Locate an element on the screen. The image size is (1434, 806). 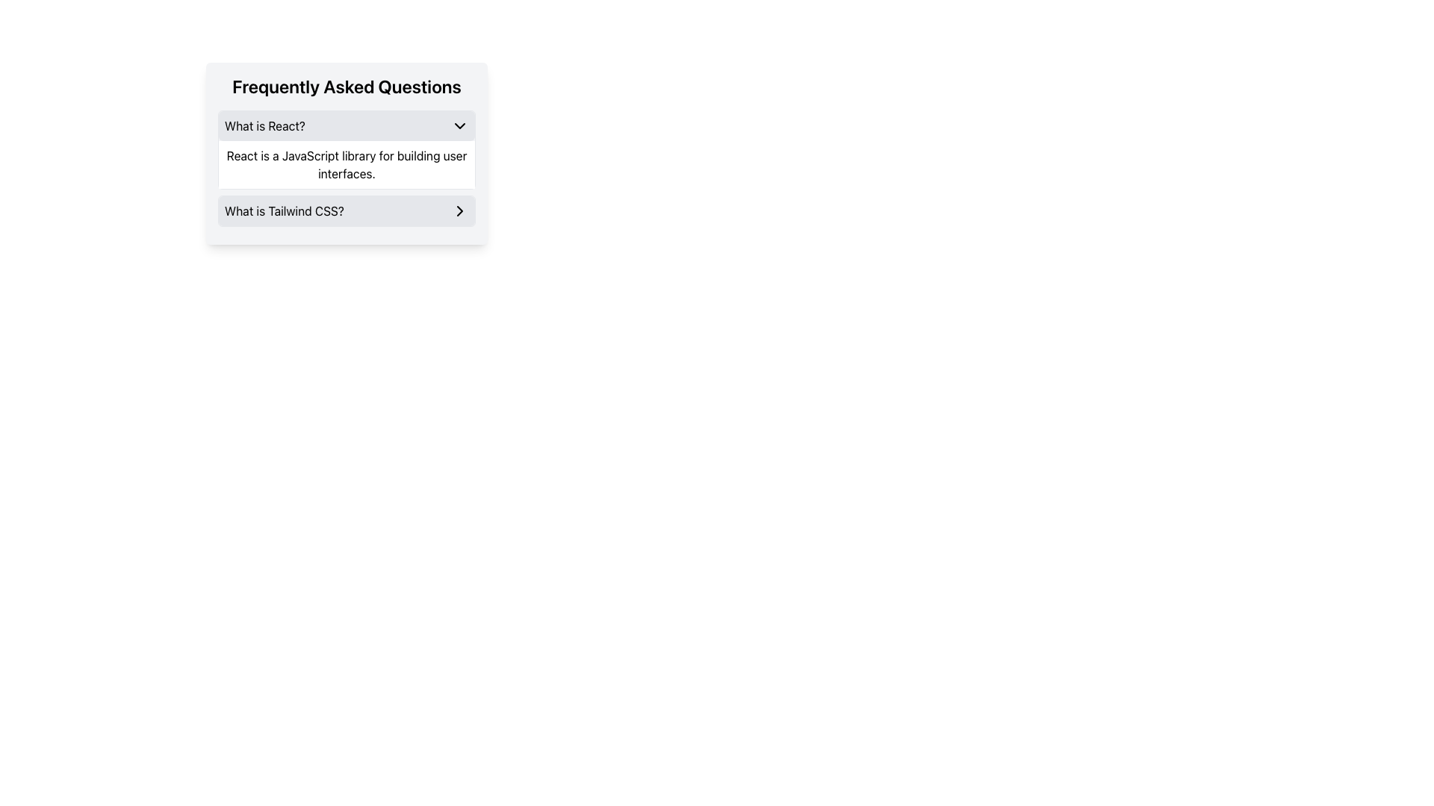
the text label at the top-left of the FAQ panel is located at coordinates (264, 125).